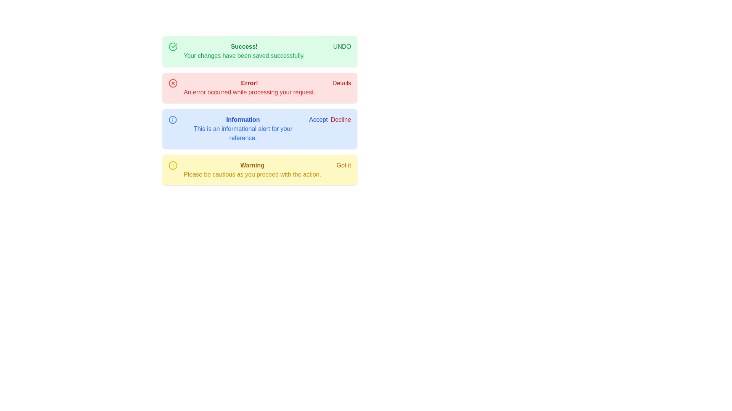  I want to click on the green circular checkmark icon that signifies a successful action, located in the upper section of the green notification banner labeled 'Success!', so click(174, 45).